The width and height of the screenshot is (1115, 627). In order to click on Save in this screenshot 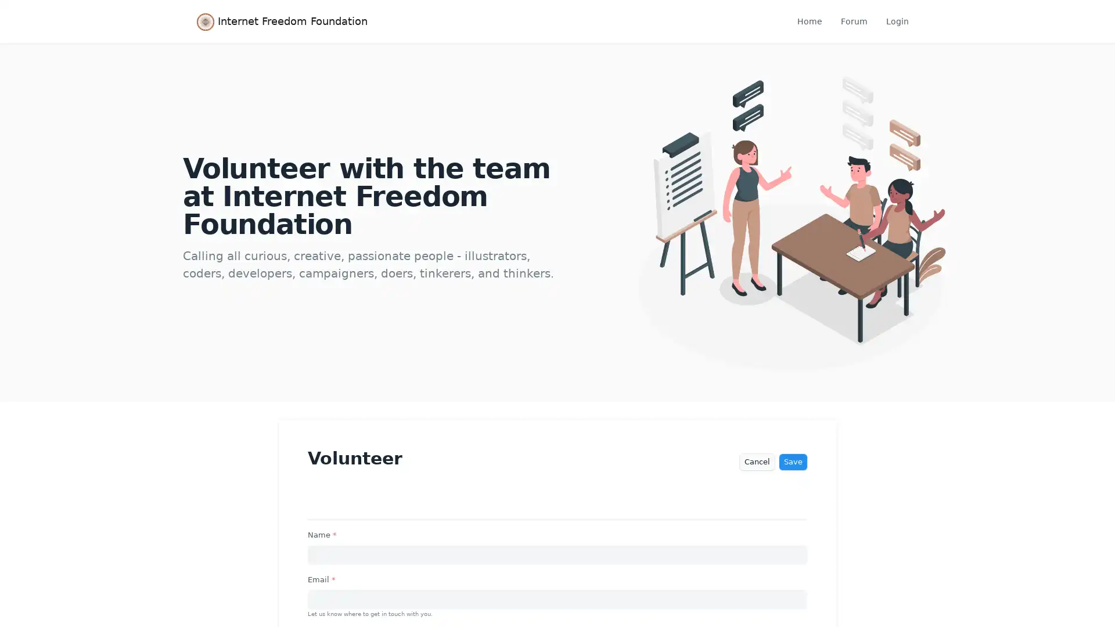, I will do `click(793, 461)`.